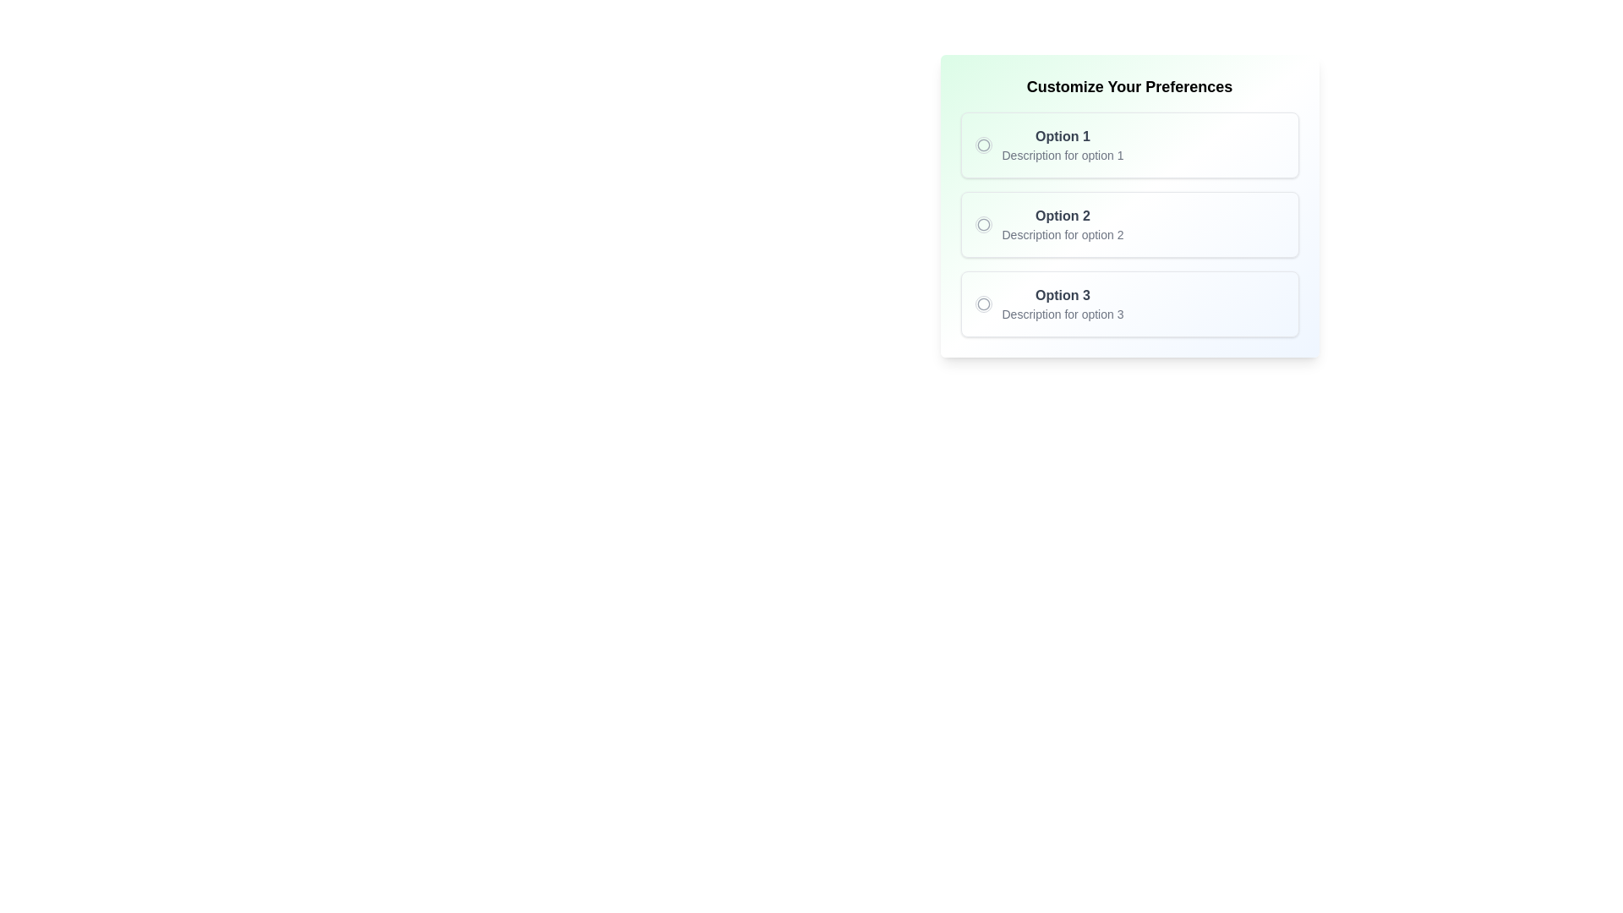 The height and width of the screenshot is (913, 1623). What do you see at coordinates (983, 145) in the screenshot?
I see `the first radio button labeled 'Option 1'` at bounding box center [983, 145].